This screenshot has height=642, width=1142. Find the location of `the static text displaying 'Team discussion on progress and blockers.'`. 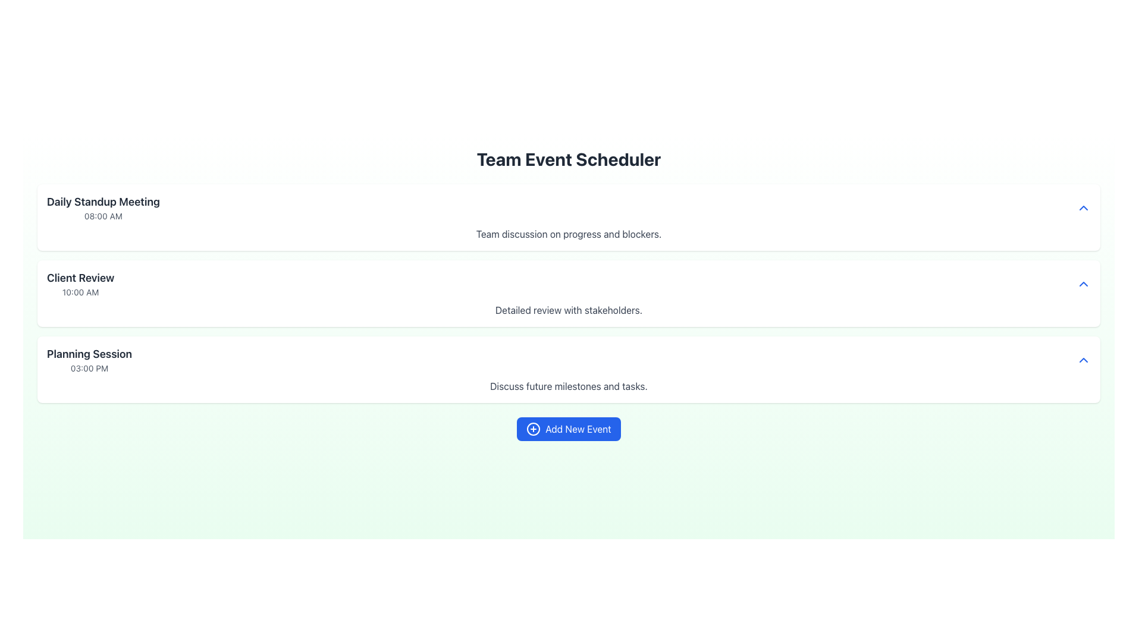

the static text displaying 'Team discussion on progress and blockers.' is located at coordinates (568, 234).